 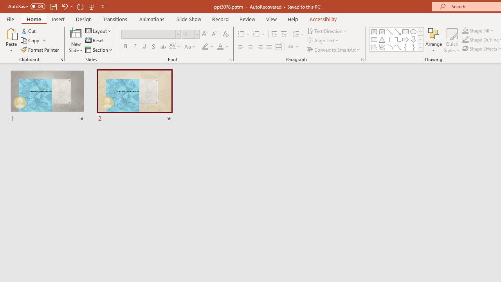 What do you see at coordinates (220, 47) in the screenshot?
I see `'Font Color Red'` at bounding box center [220, 47].